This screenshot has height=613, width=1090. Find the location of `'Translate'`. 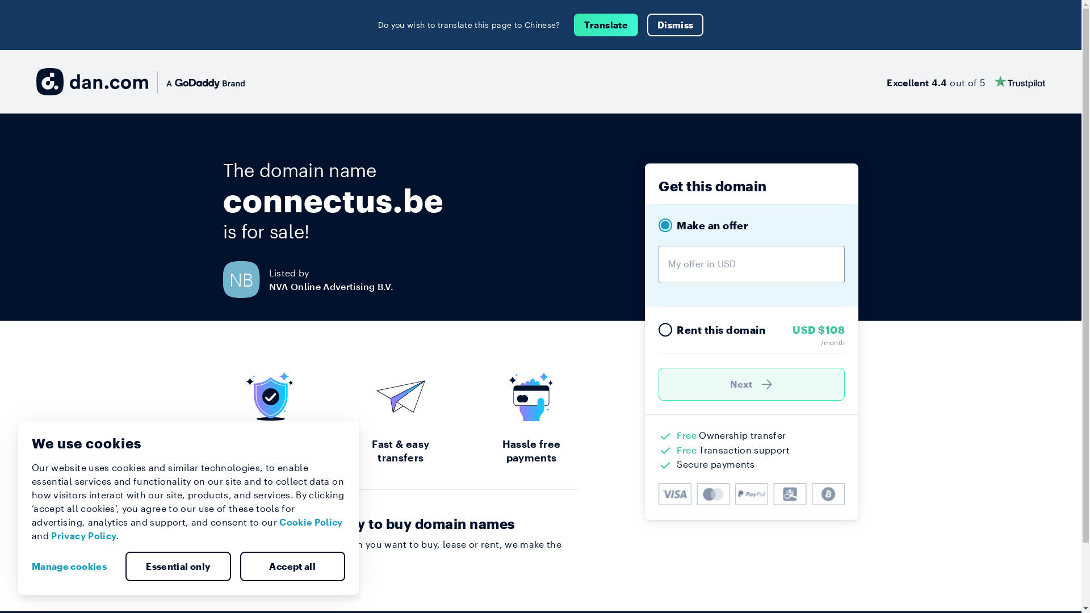

'Translate' is located at coordinates (605, 24).